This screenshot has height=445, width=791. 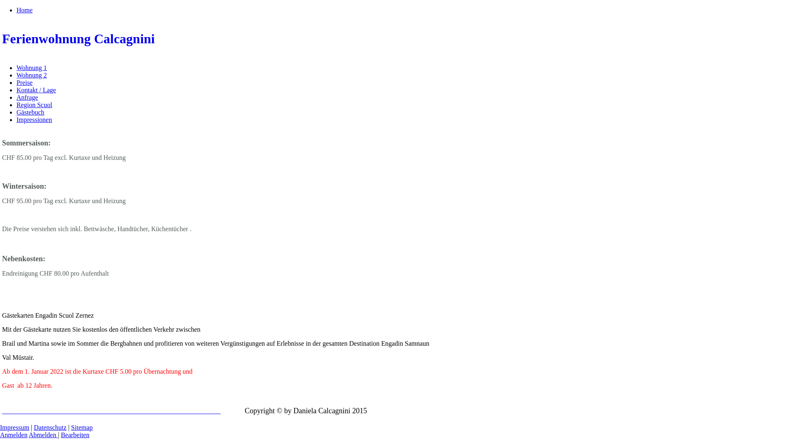 What do you see at coordinates (75, 434) in the screenshot?
I see `'Bearbeiten'` at bounding box center [75, 434].